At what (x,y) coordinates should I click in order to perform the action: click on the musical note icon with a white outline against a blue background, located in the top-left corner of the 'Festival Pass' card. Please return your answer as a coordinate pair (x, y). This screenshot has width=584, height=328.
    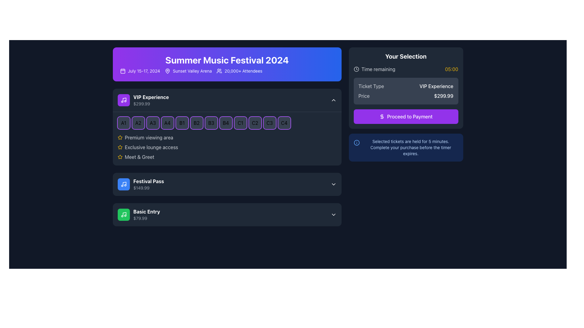
    Looking at the image, I should click on (123, 184).